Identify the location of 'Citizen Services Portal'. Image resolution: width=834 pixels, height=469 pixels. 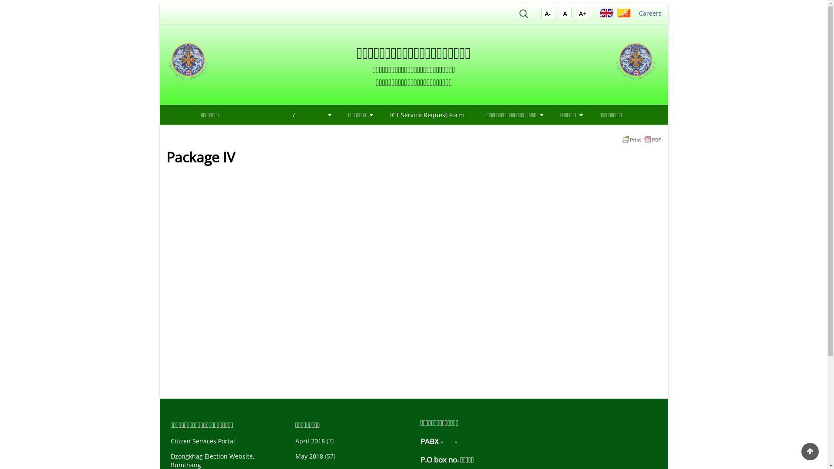
(202, 441).